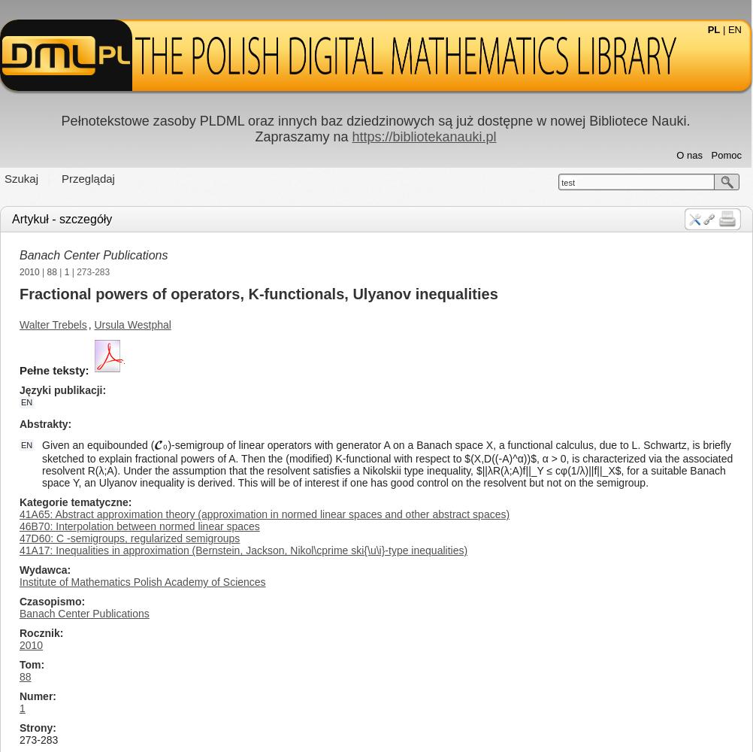 The height and width of the screenshot is (752, 753). Describe the element at coordinates (53, 325) in the screenshot. I see `'Walter Trebels'` at that location.